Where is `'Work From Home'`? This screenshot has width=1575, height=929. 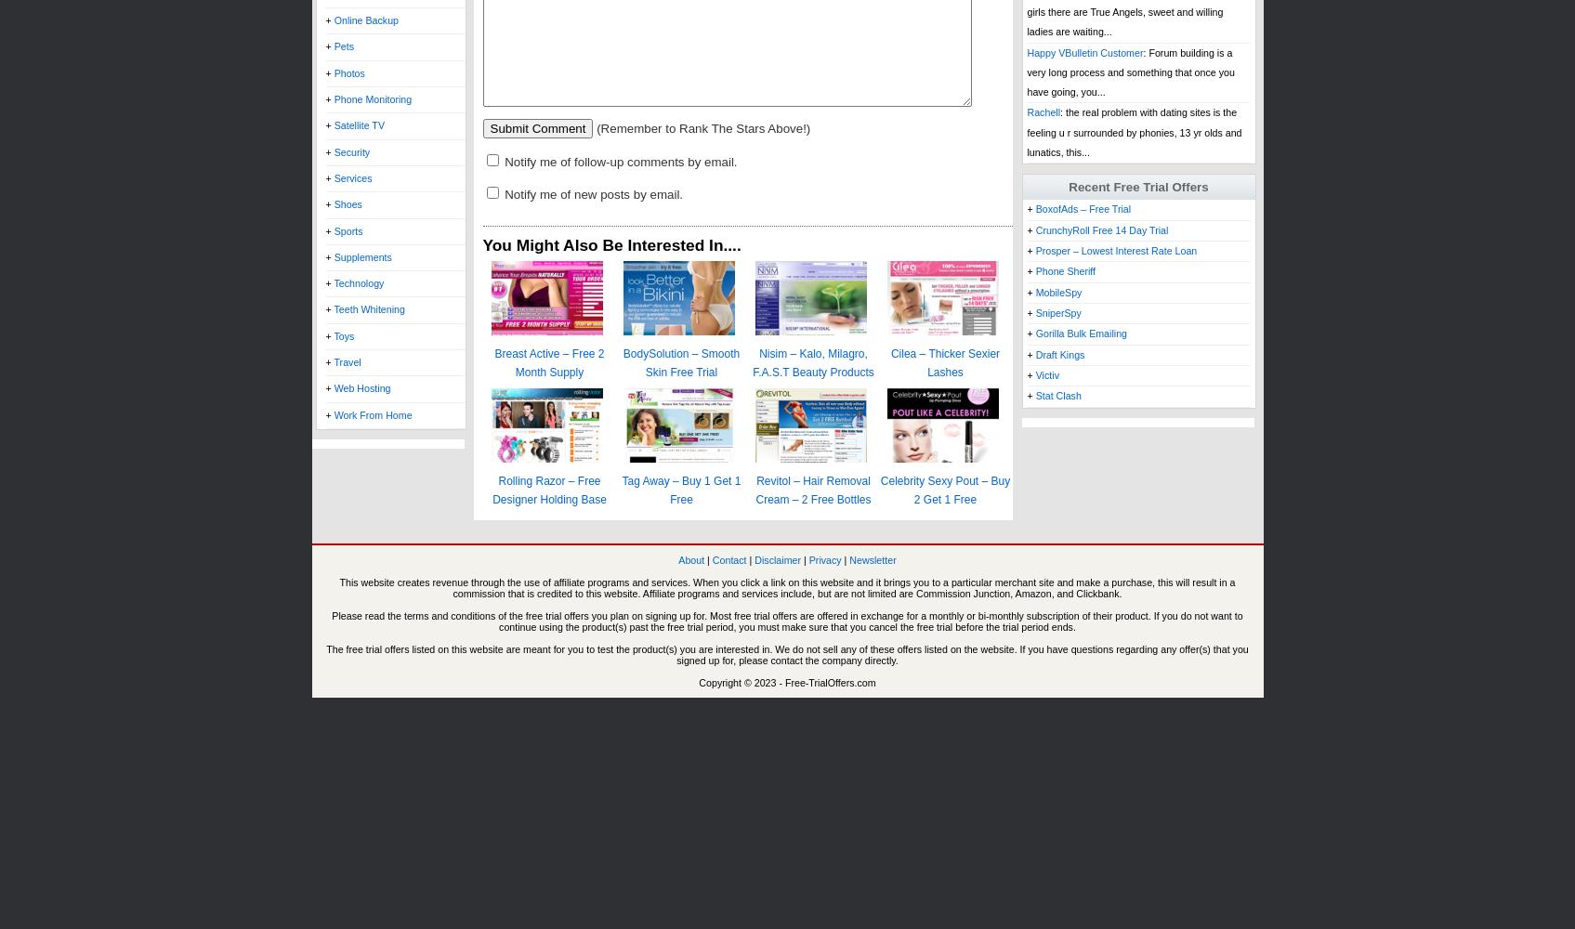 'Work From Home' is located at coordinates (373, 413).